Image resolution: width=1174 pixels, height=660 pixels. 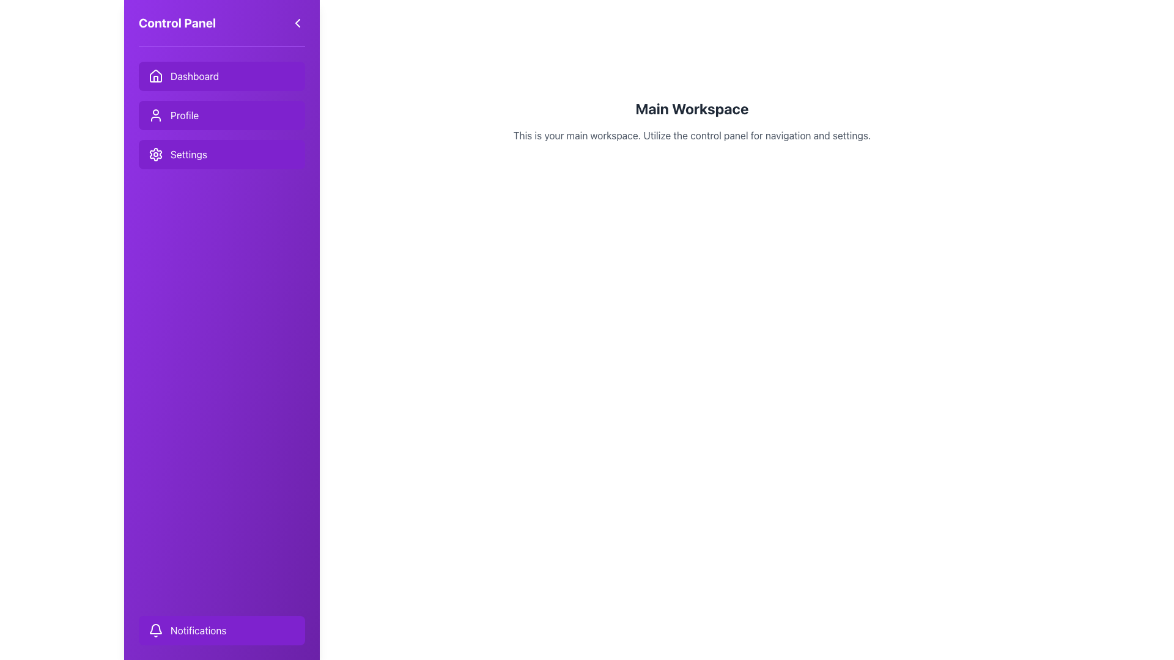 I want to click on the navigation button located at the top of the sidebar menu, so click(x=222, y=76).